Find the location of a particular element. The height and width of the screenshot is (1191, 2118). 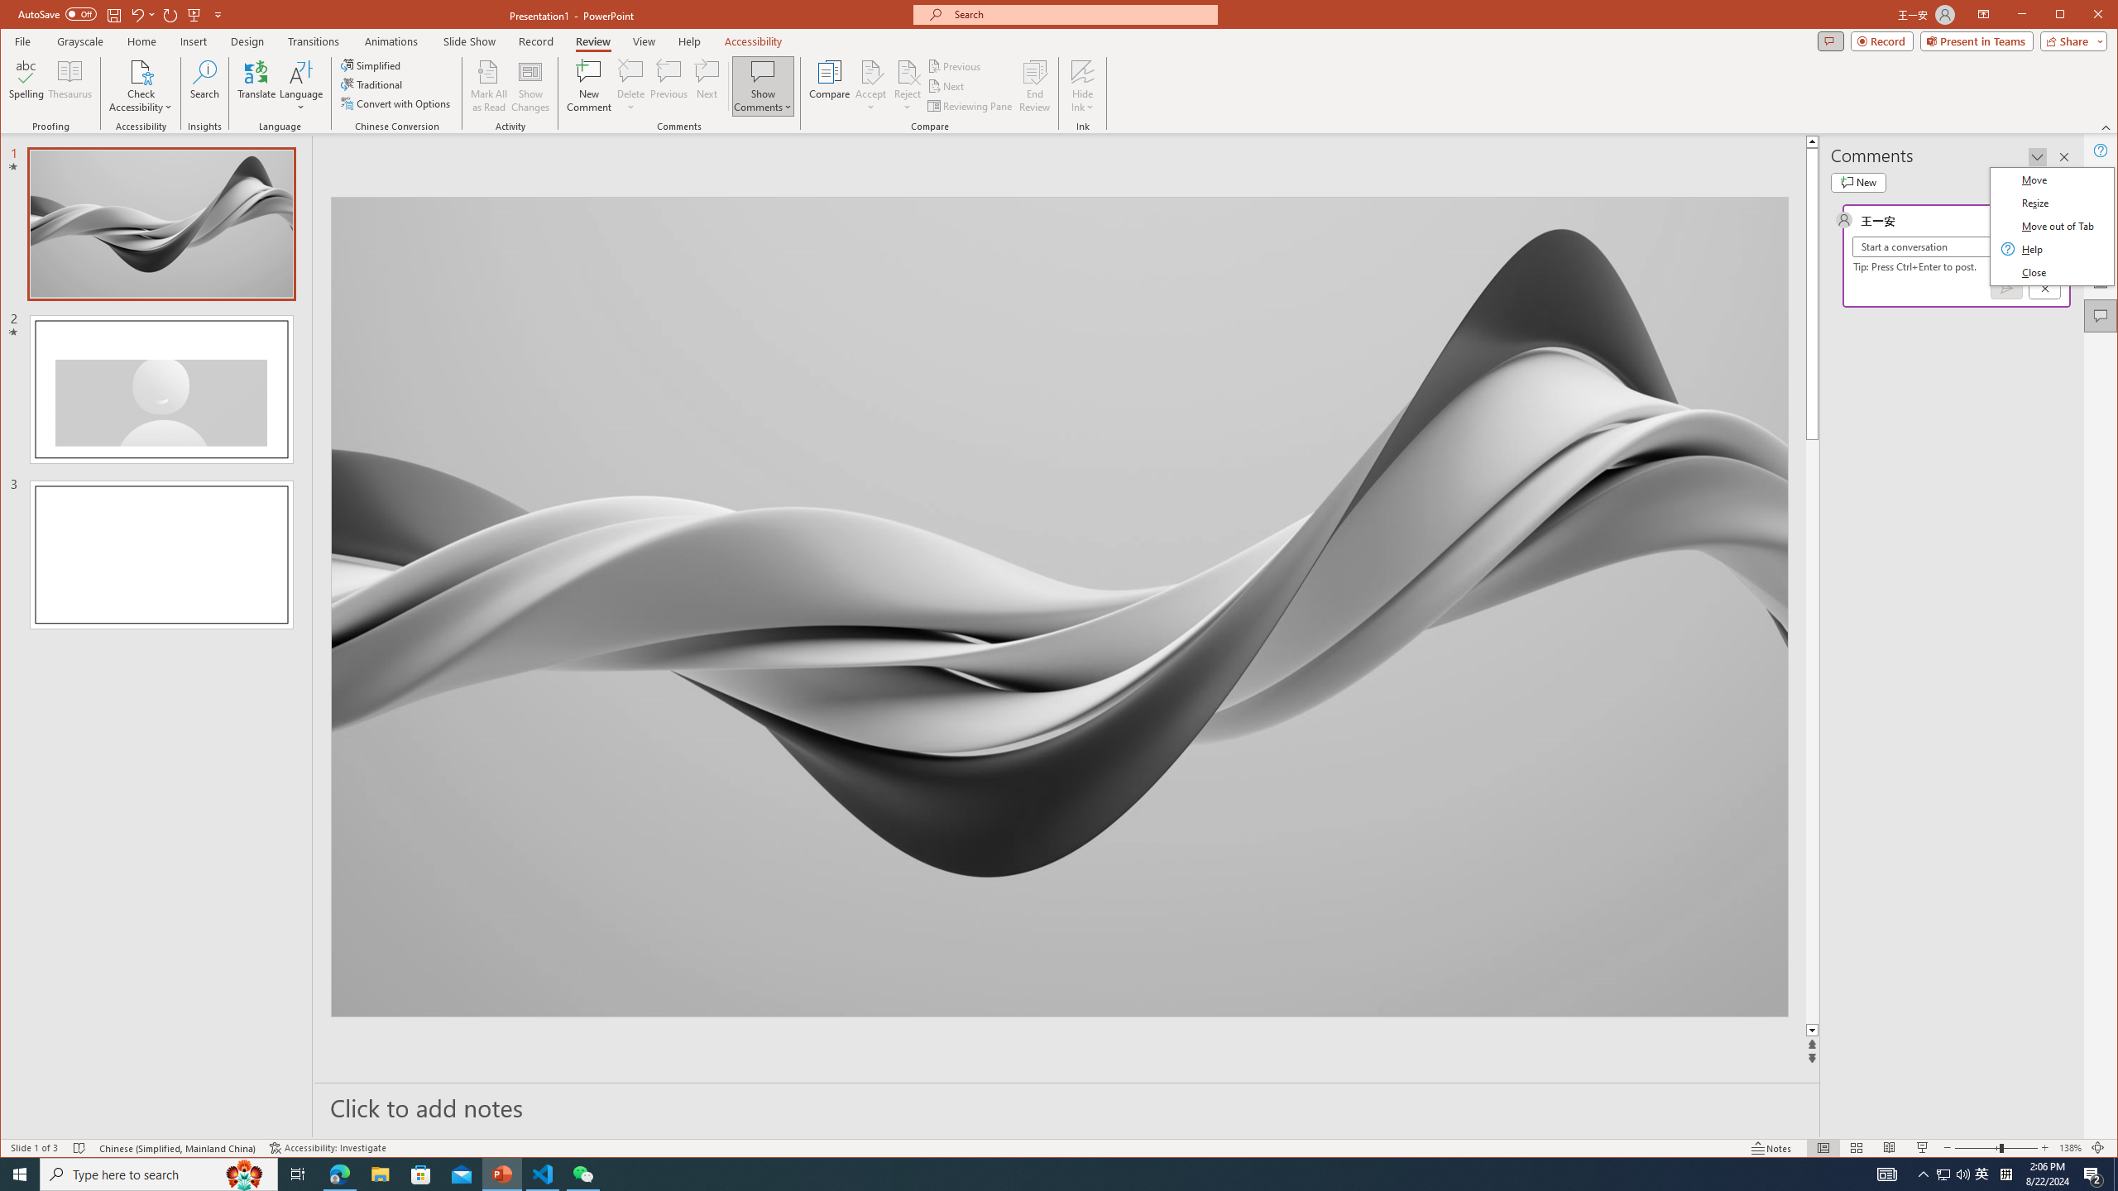

'Minimize' is located at coordinates (2065, 16).